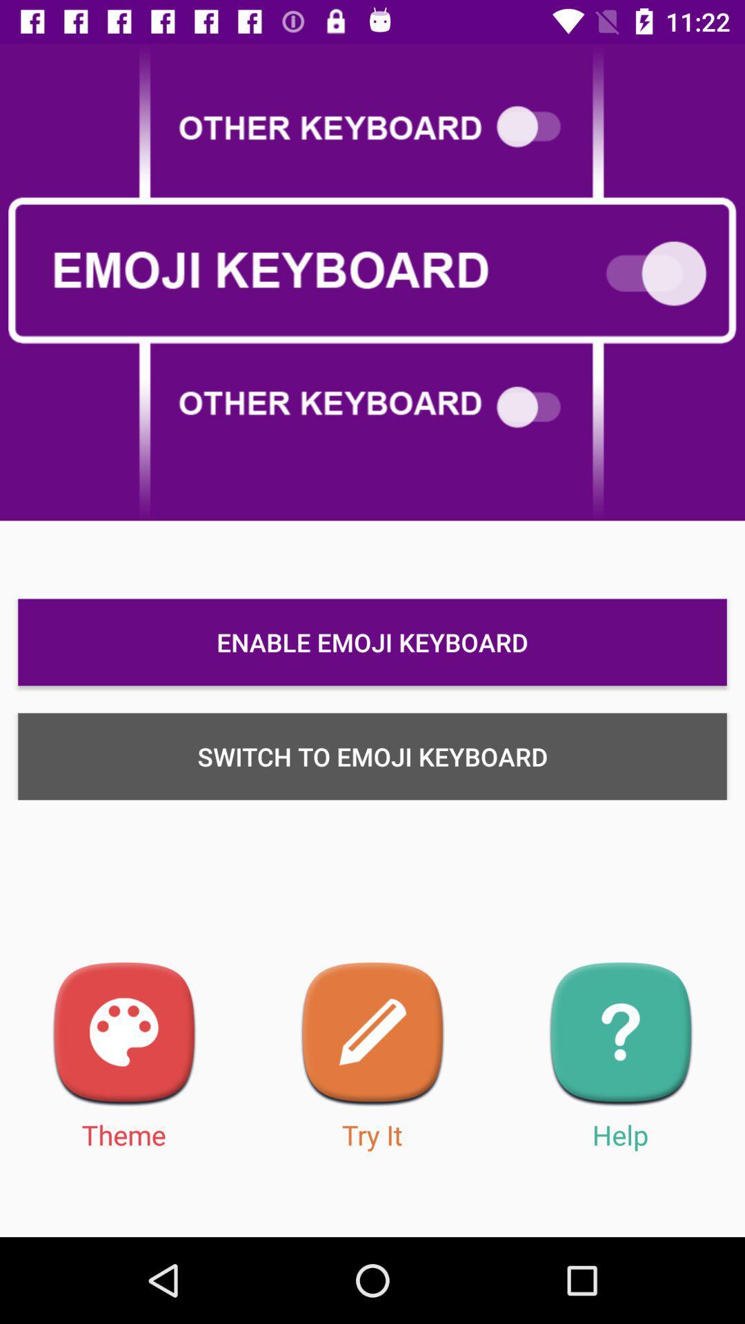 The height and width of the screenshot is (1324, 745). What do you see at coordinates (619, 1034) in the screenshot?
I see `get help` at bounding box center [619, 1034].